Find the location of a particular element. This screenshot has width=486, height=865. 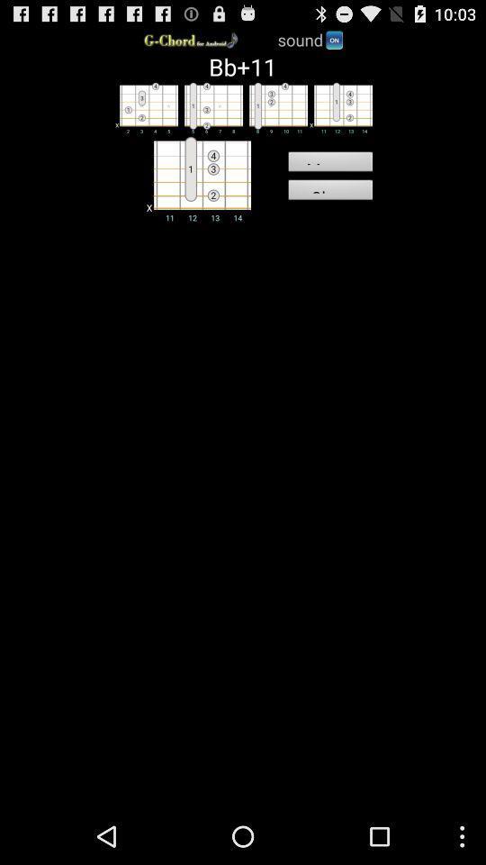

item below the memo is located at coordinates (329, 192).